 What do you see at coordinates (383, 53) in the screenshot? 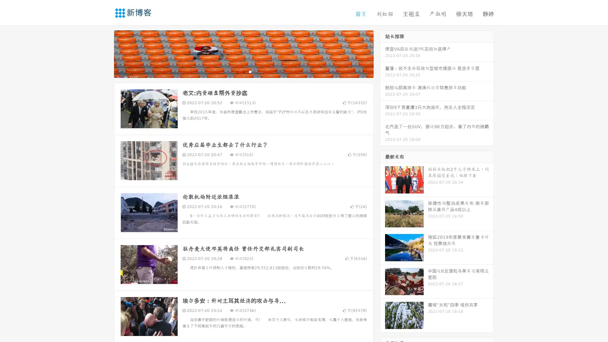
I see `Next slide` at bounding box center [383, 53].